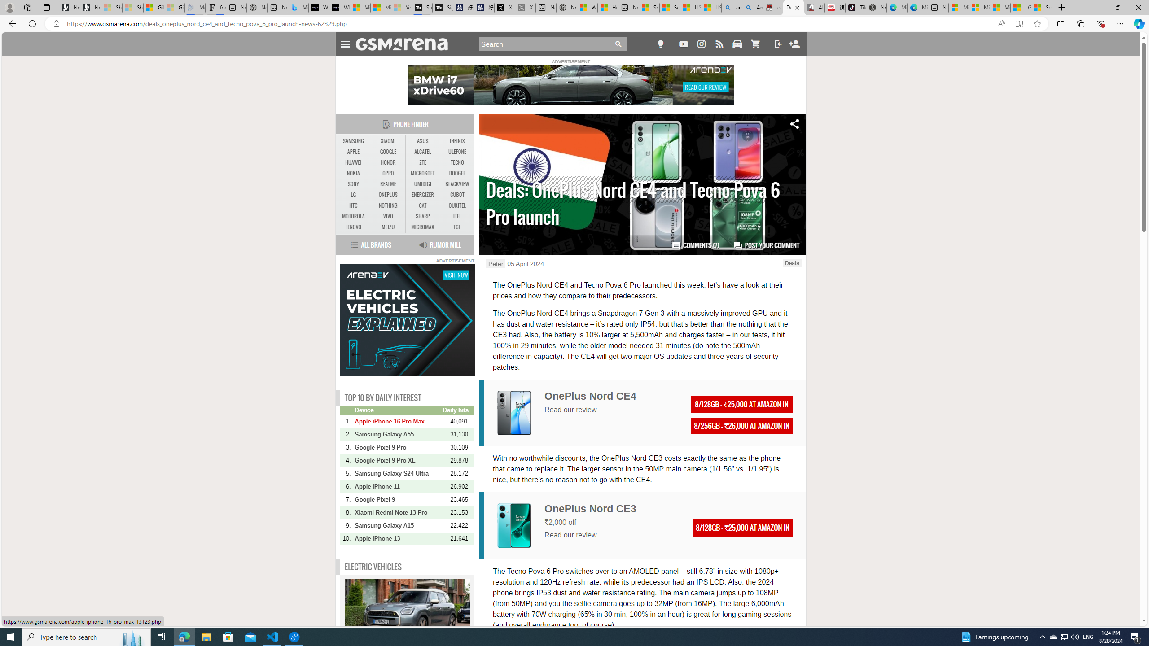 This screenshot has width=1149, height=646. Describe the element at coordinates (353, 227) in the screenshot. I see `'LENOVO'` at that location.